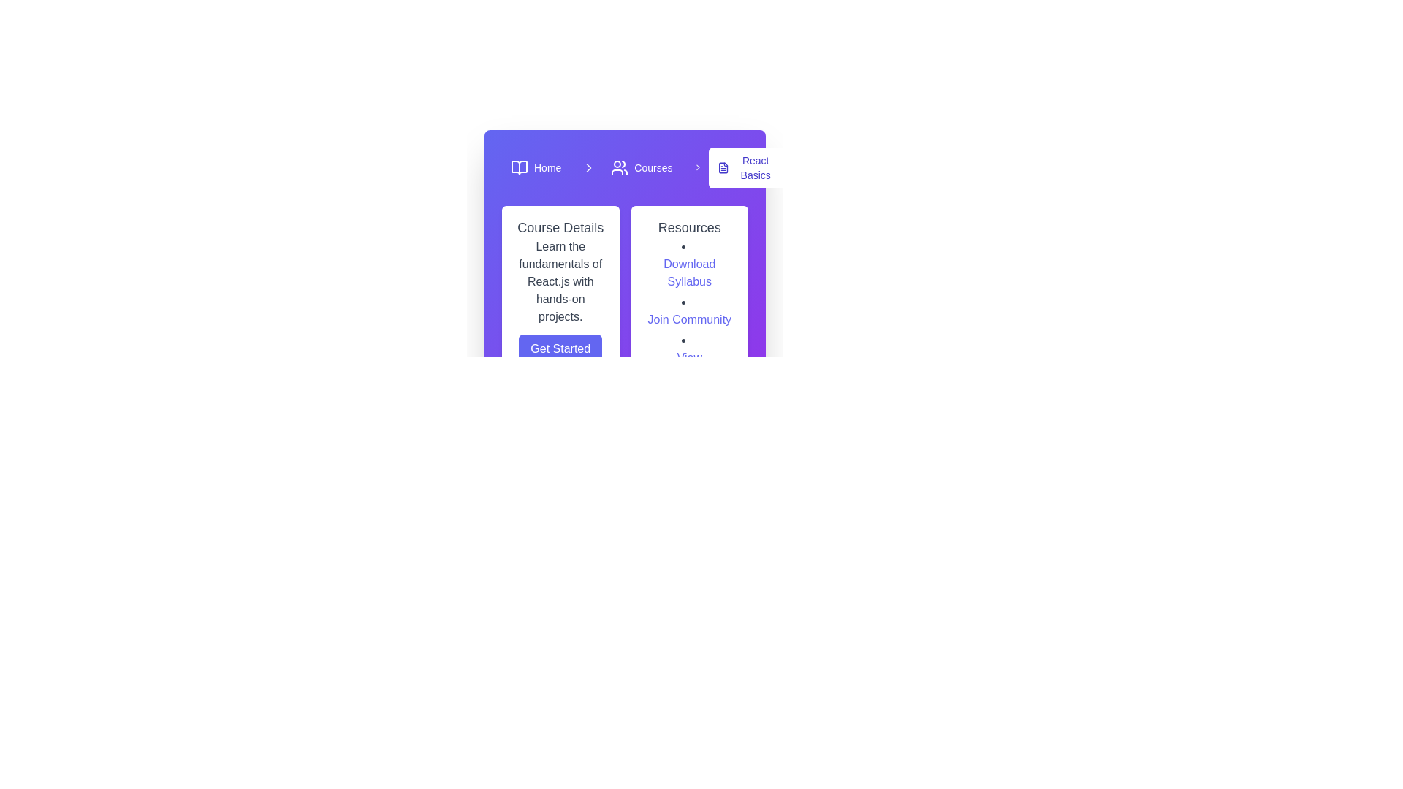  What do you see at coordinates (688, 264) in the screenshot?
I see `the first hyperlink in the 'Resources' section to download the syllabus` at bounding box center [688, 264].